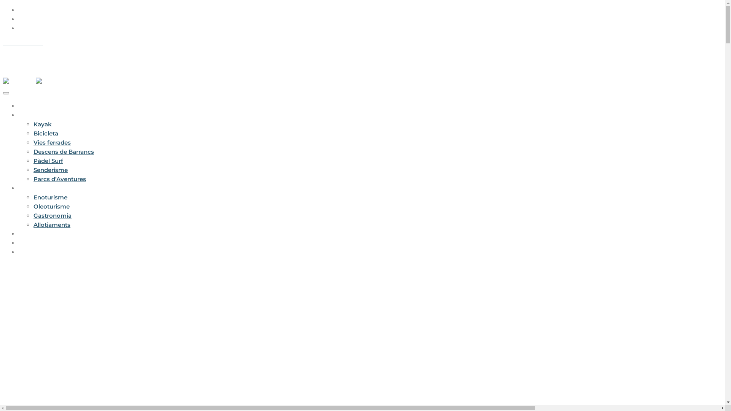  What do you see at coordinates (24, 106) in the screenshot?
I see `'Inici'` at bounding box center [24, 106].